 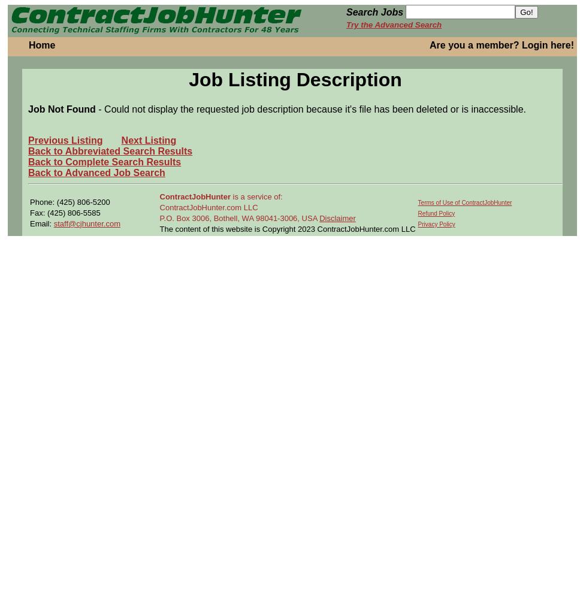 I want to click on 'P.O. Box 3006, Bothell, WA 98041-3006, USA', so click(x=159, y=217).